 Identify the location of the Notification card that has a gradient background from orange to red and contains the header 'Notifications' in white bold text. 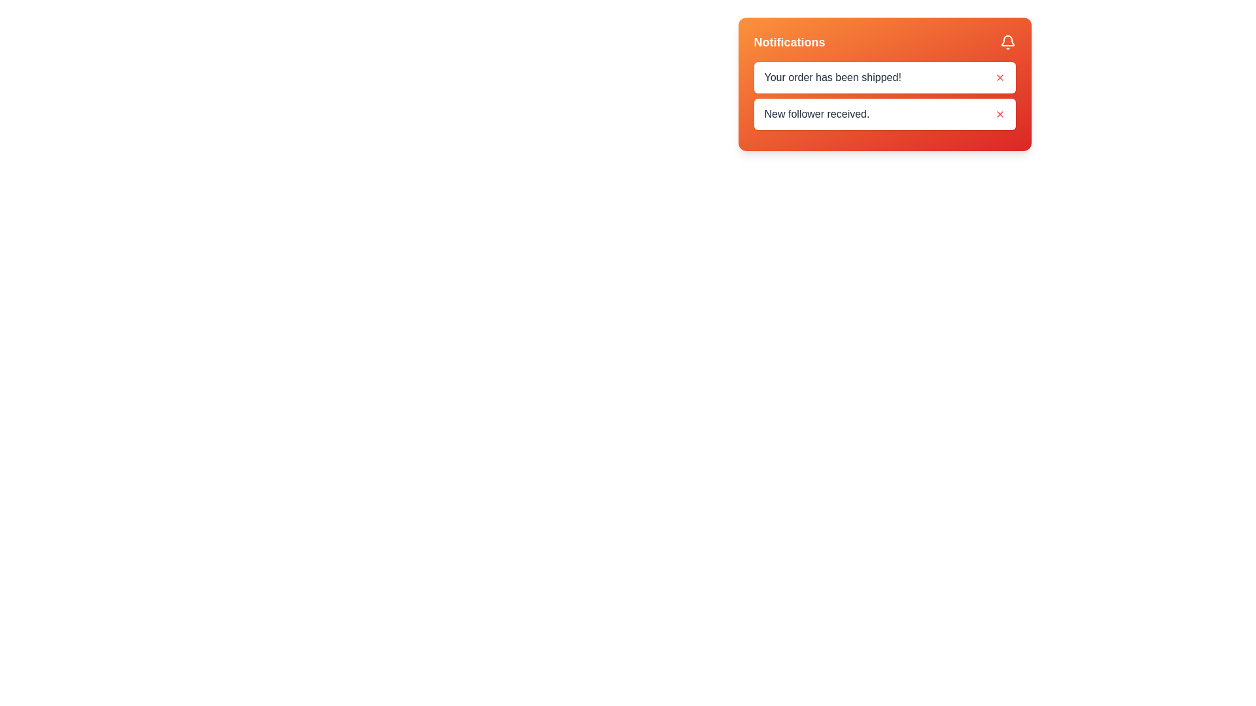
(884, 84).